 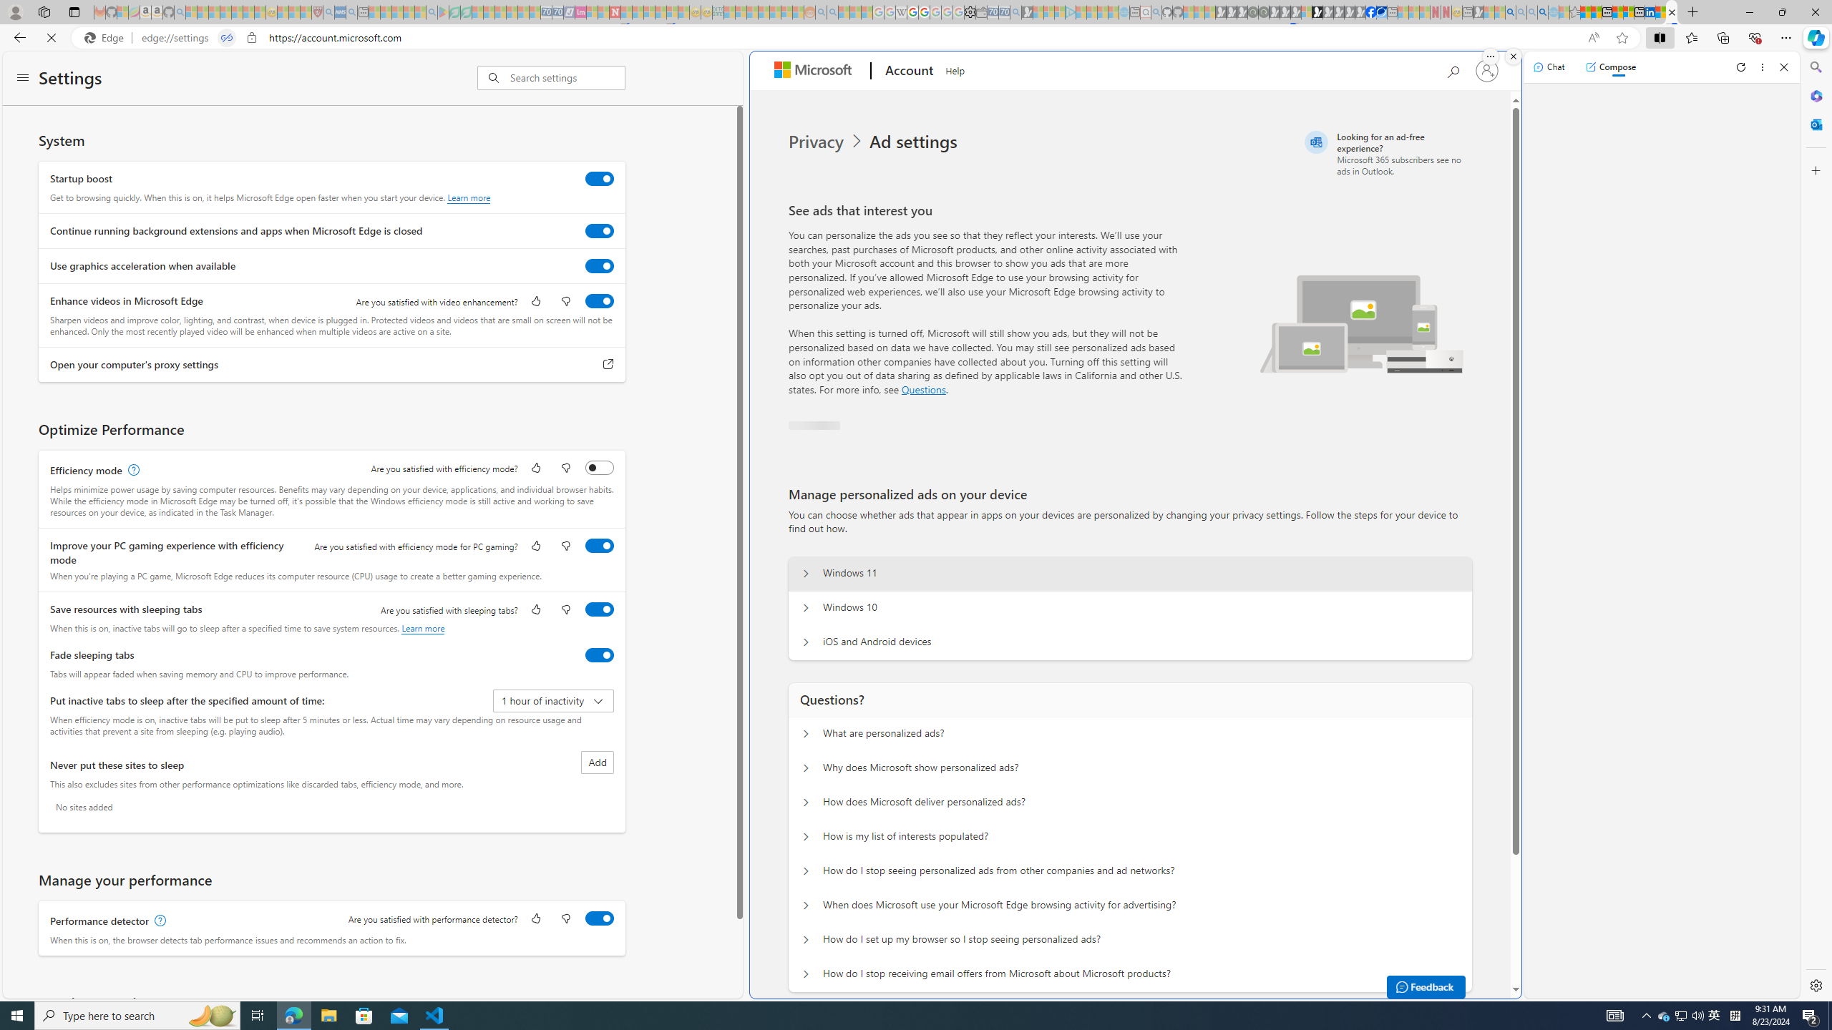 I want to click on 'Microsoft', so click(x=816, y=71).